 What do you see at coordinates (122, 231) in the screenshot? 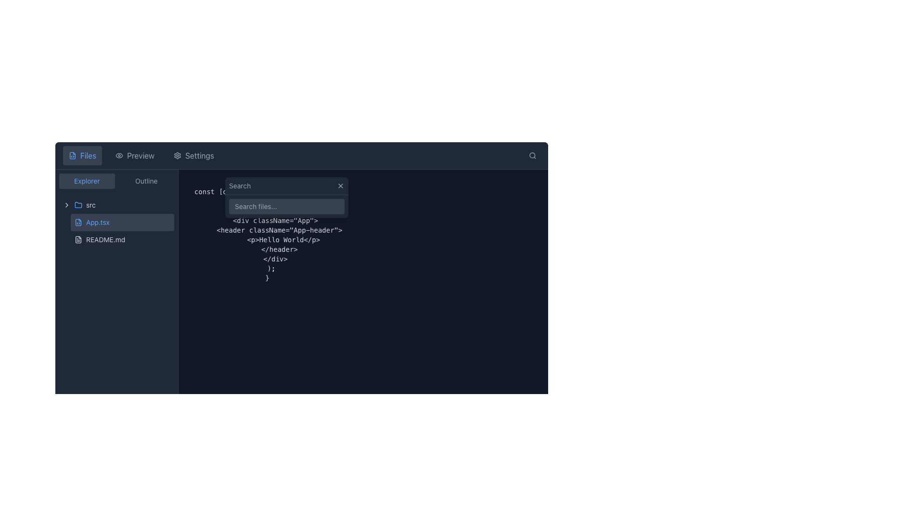
I see `the list item representing 'App.tsxREADME.md', which is styled with a gray background and located in the file explorer under the 'src' directory` at bounding box center [122, 231].